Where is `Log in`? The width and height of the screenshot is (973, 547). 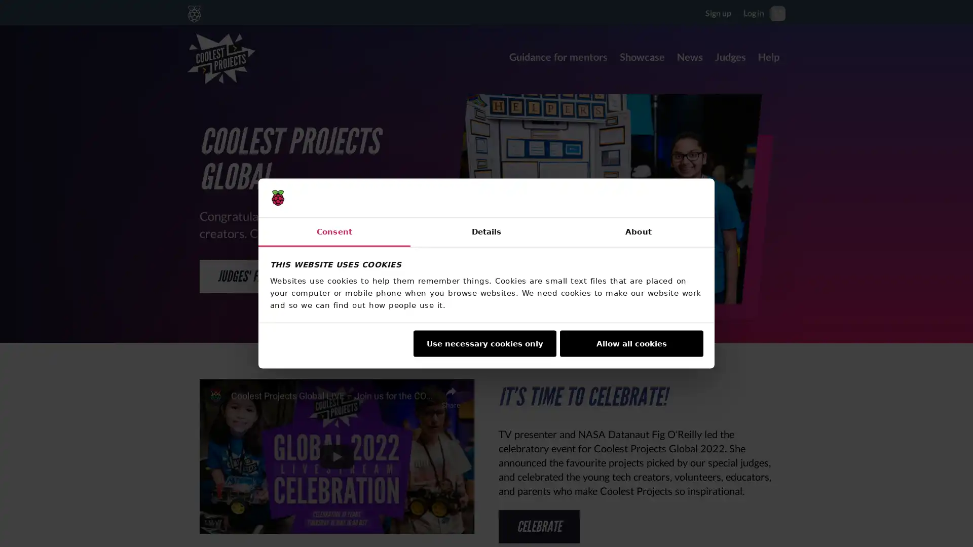
Log in is located at coordinates (754, 12).